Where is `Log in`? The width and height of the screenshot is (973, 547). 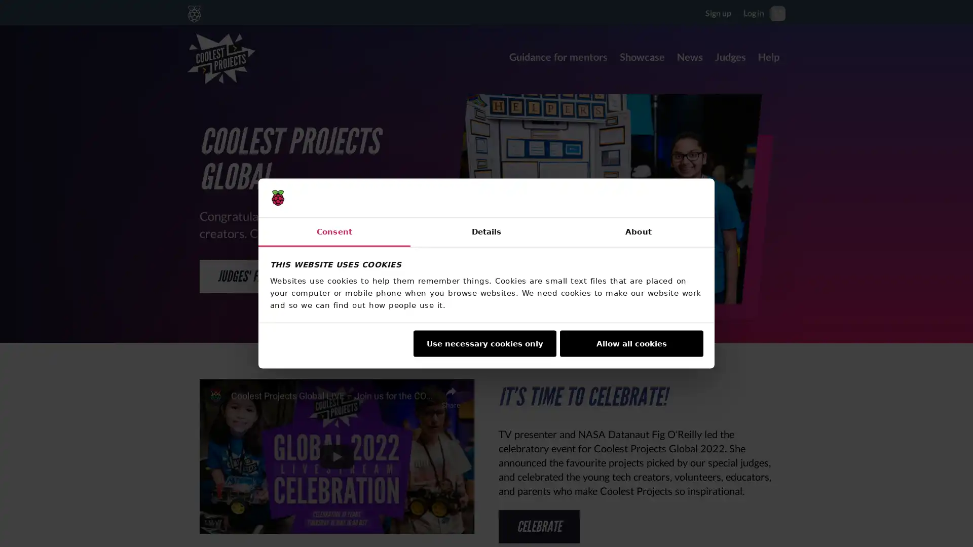
Log in is located at coordinates (754, 12).